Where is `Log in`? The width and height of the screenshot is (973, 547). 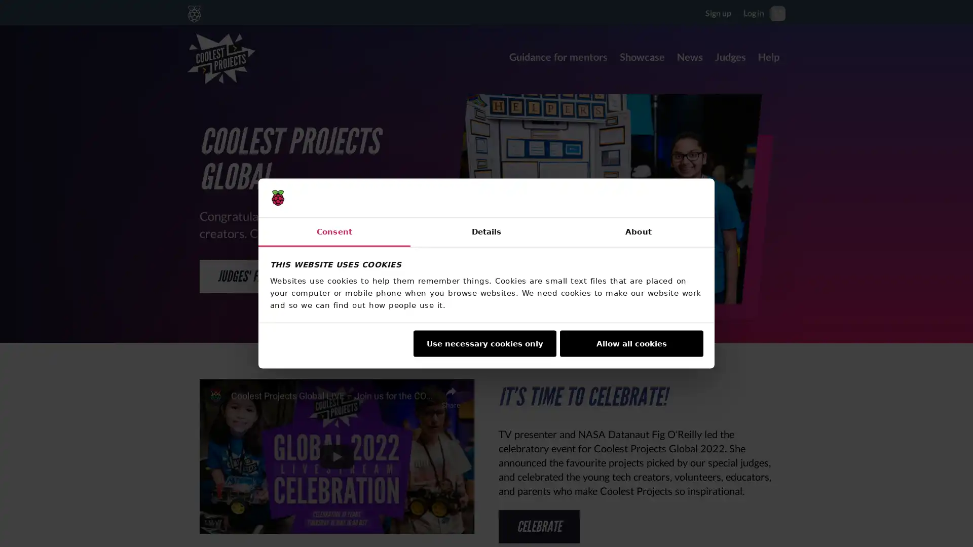
Log in is located at coordinates (754, 12).